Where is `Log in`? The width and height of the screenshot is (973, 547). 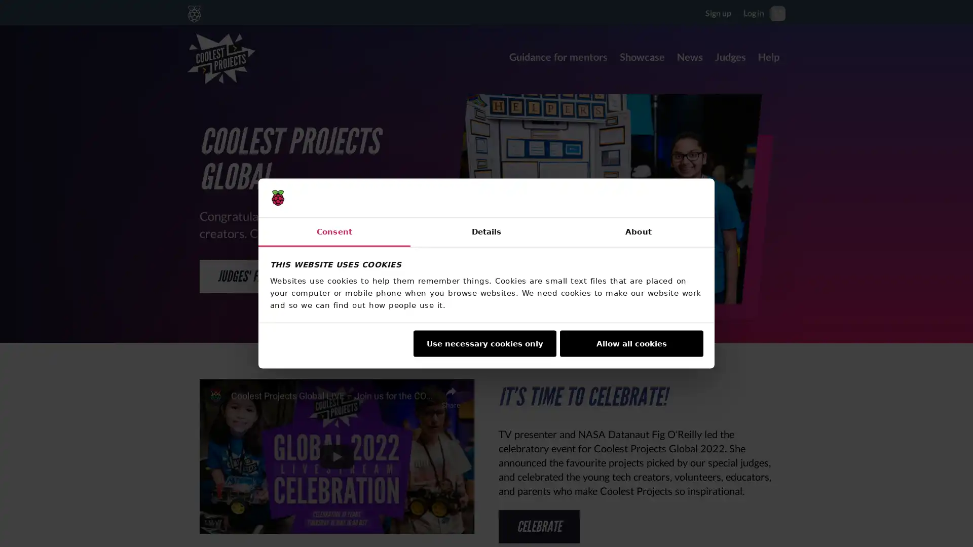
Log in is located at coordinates (754, 12).